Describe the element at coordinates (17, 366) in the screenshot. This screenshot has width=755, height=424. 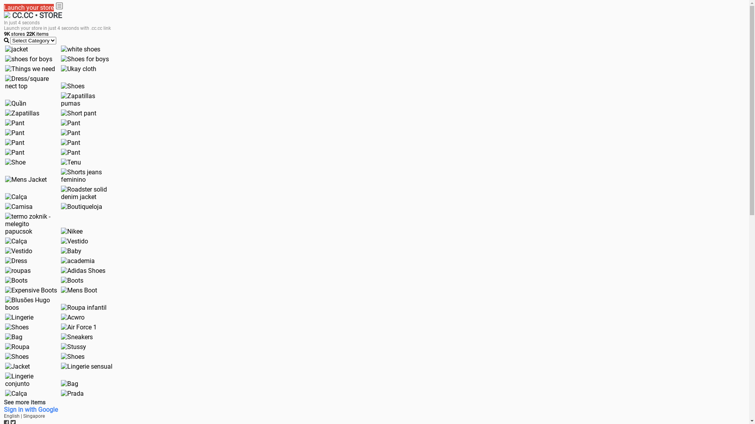
I see `'Jacket'` at that location.